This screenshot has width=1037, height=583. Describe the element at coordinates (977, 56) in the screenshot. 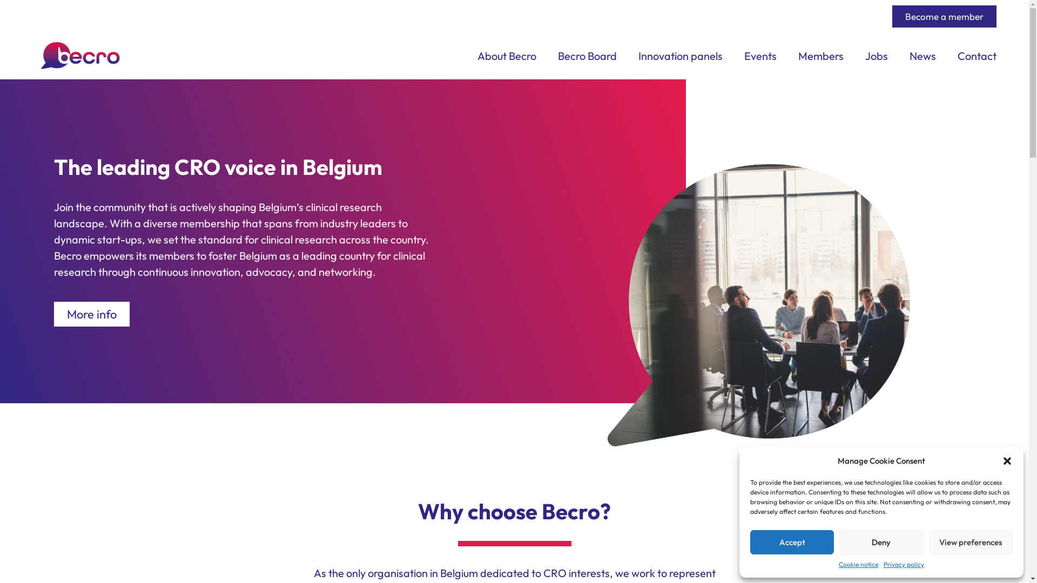

I see `'Contact'` at that location.